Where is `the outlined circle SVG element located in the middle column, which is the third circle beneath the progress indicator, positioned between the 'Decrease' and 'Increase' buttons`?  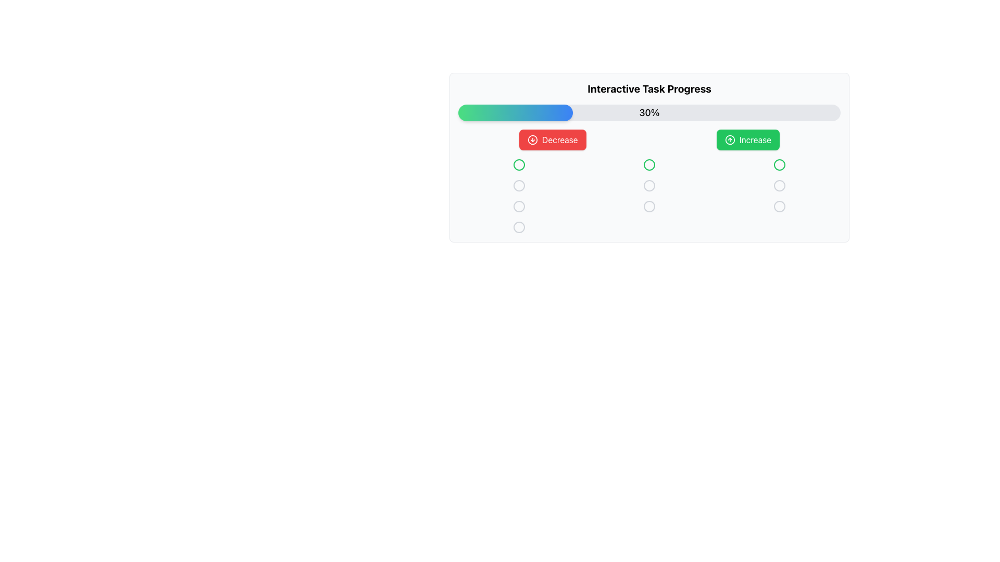
the outlined circle SVG element located in the middle column, which is the third circle beneath the progress indicator, positioned between the 'Decrease' and 'Increase' buttons is located at coordinates (649, 207).